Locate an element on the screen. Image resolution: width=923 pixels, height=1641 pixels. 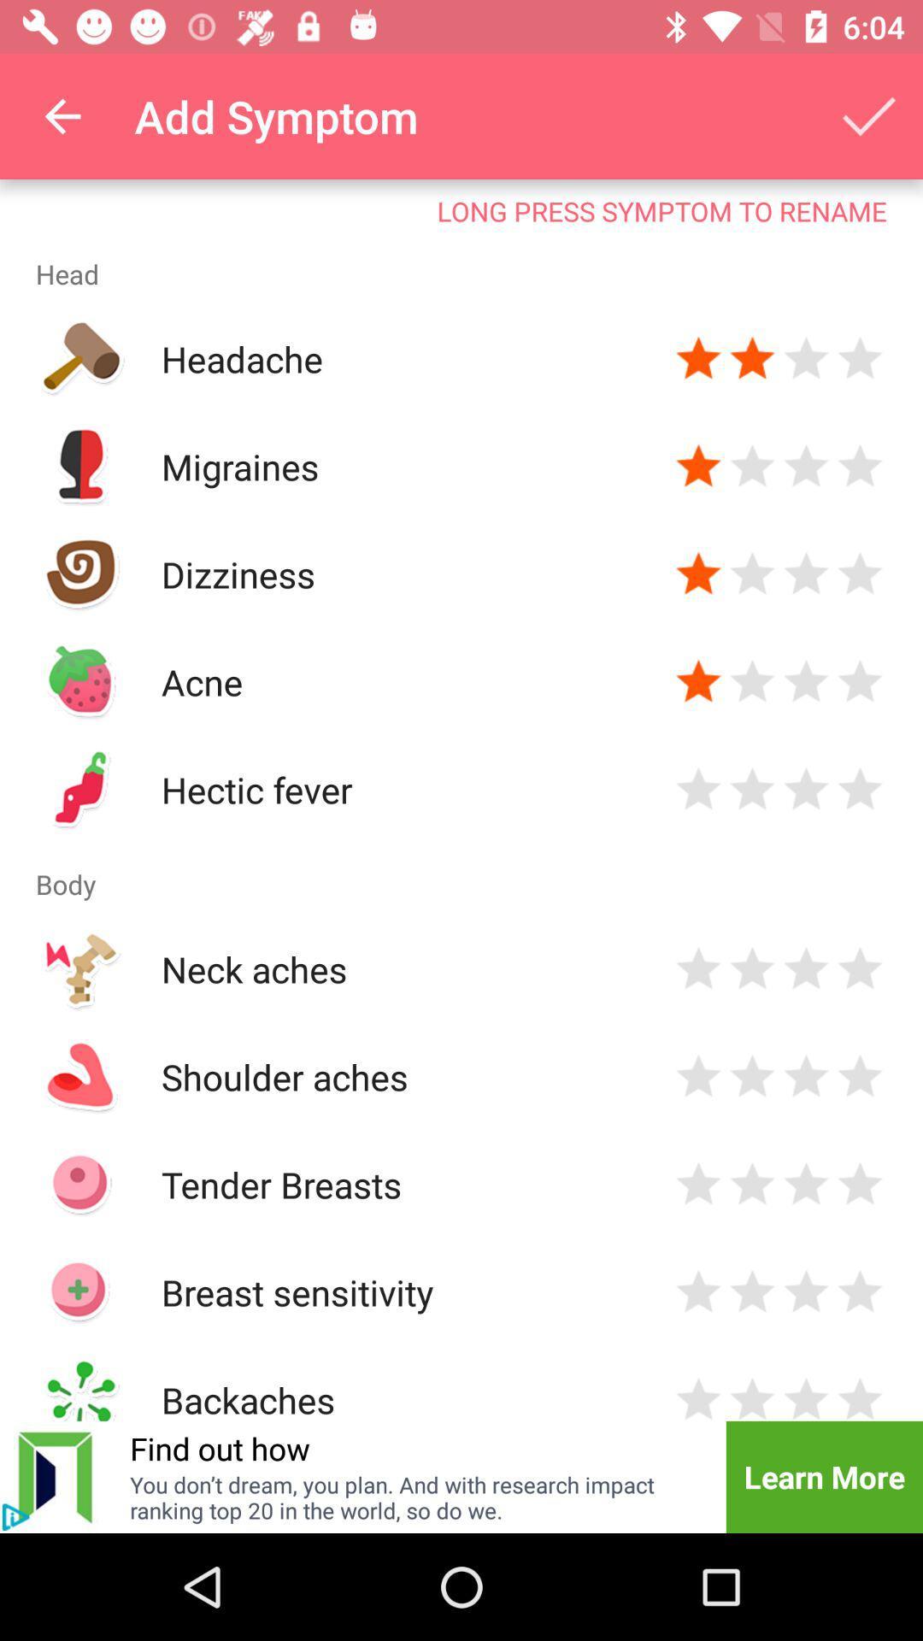
rate intensity of symptom is located at coordinates (806, 1075).